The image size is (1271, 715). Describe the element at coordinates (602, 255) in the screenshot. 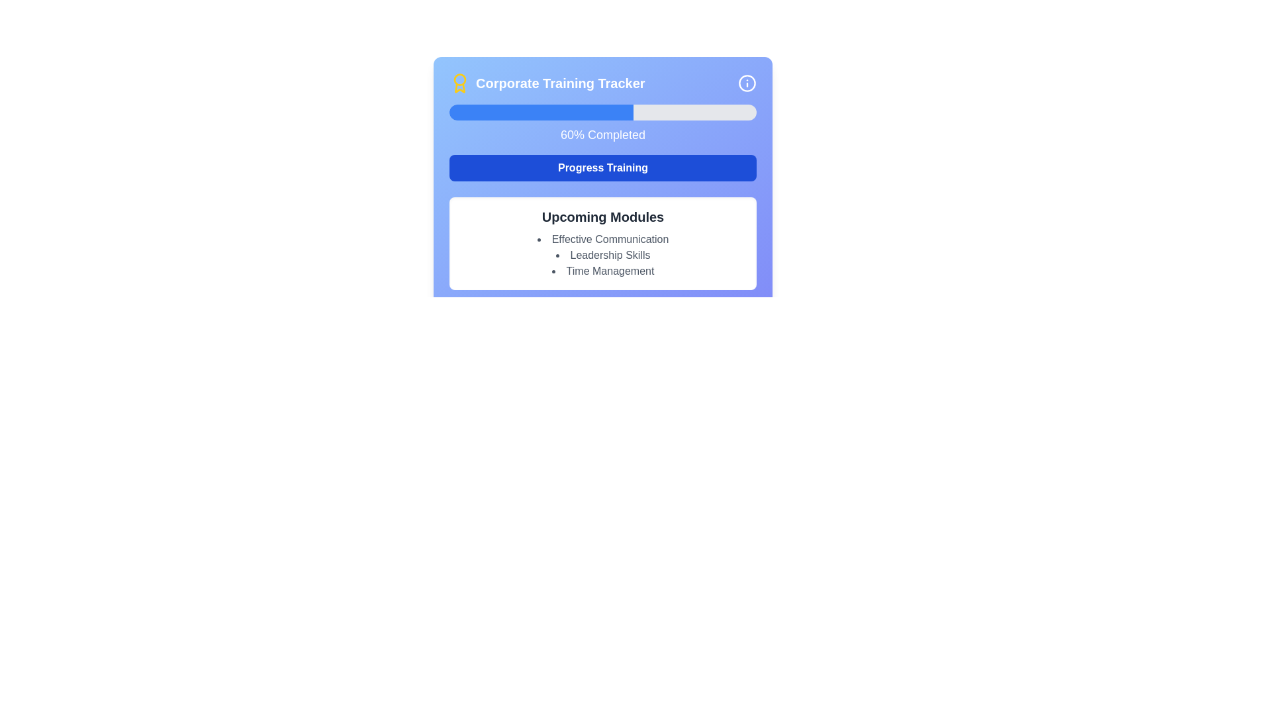

I see `the text label indicating the training module titled 'Leadership Skills', which is the second item in the list under 'Upcoming Modules'` at that location.